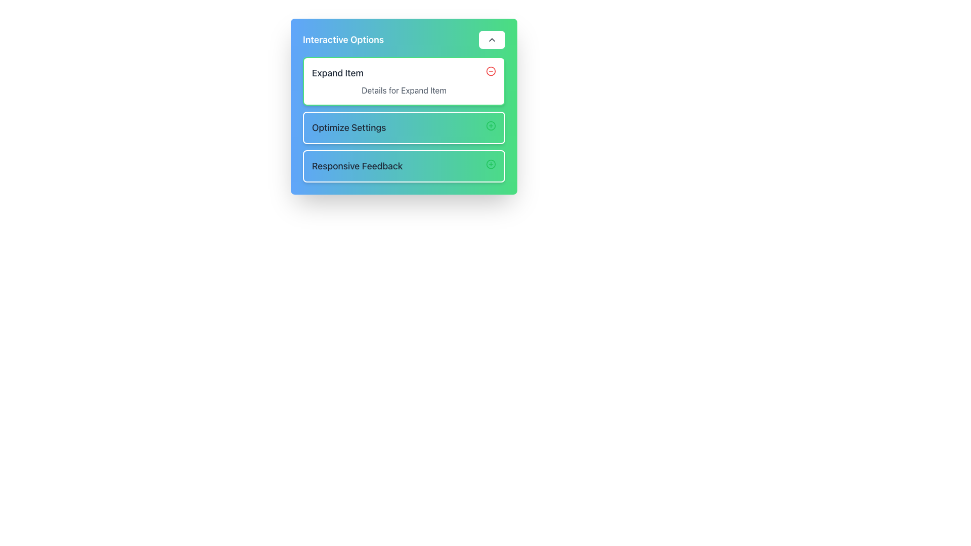  What do you see at coordinates (357, 165) in the screenshot?
I see `text label located in the third row, positioned to the left of the addition icon and below the 'Optimize Settings' label` at bounding box center [357, 165].